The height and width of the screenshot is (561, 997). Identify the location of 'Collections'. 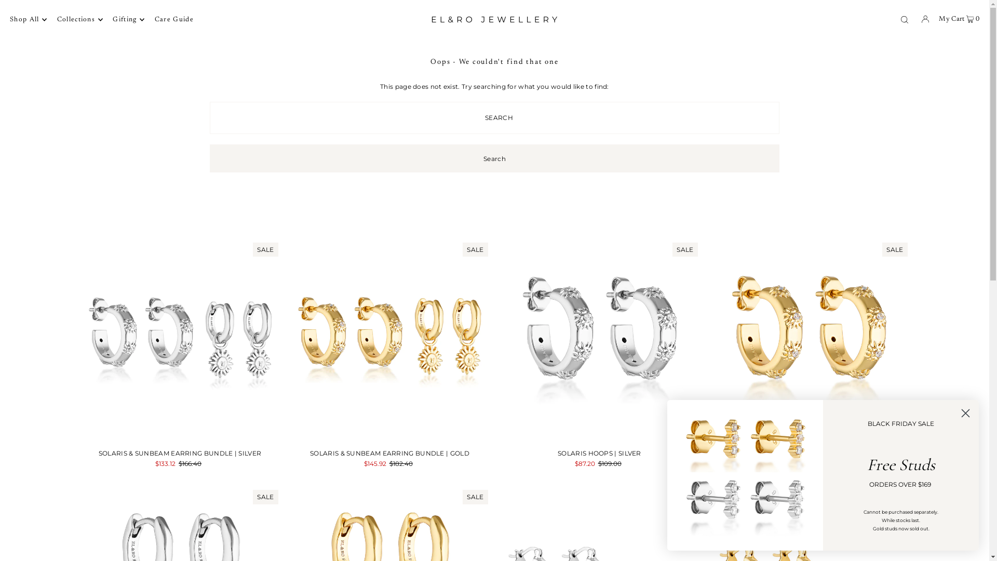
(79, 19).